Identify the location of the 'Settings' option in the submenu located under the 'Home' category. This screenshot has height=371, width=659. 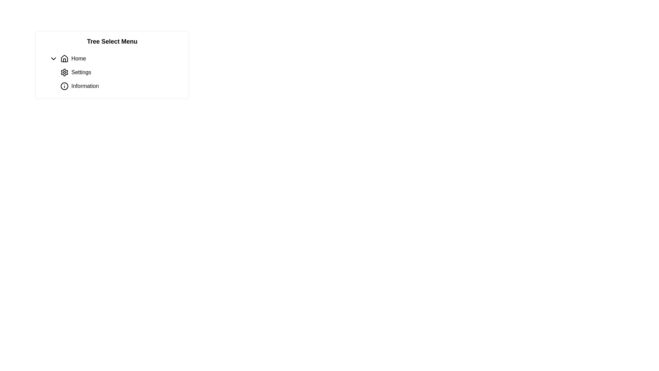
(117, 79).